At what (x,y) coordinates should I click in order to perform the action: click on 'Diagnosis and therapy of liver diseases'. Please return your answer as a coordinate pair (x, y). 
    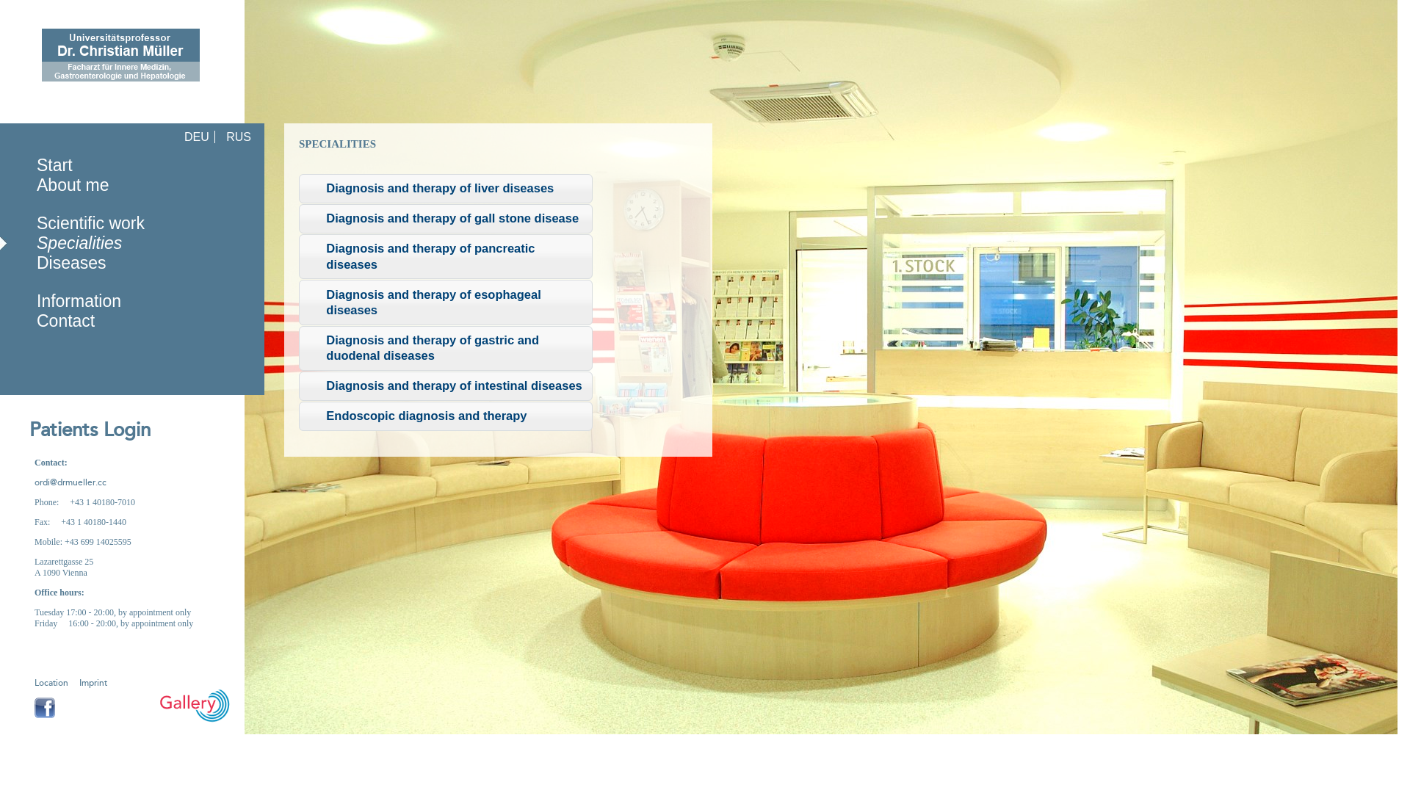
    Looking at the image, I should click on (444, 188).